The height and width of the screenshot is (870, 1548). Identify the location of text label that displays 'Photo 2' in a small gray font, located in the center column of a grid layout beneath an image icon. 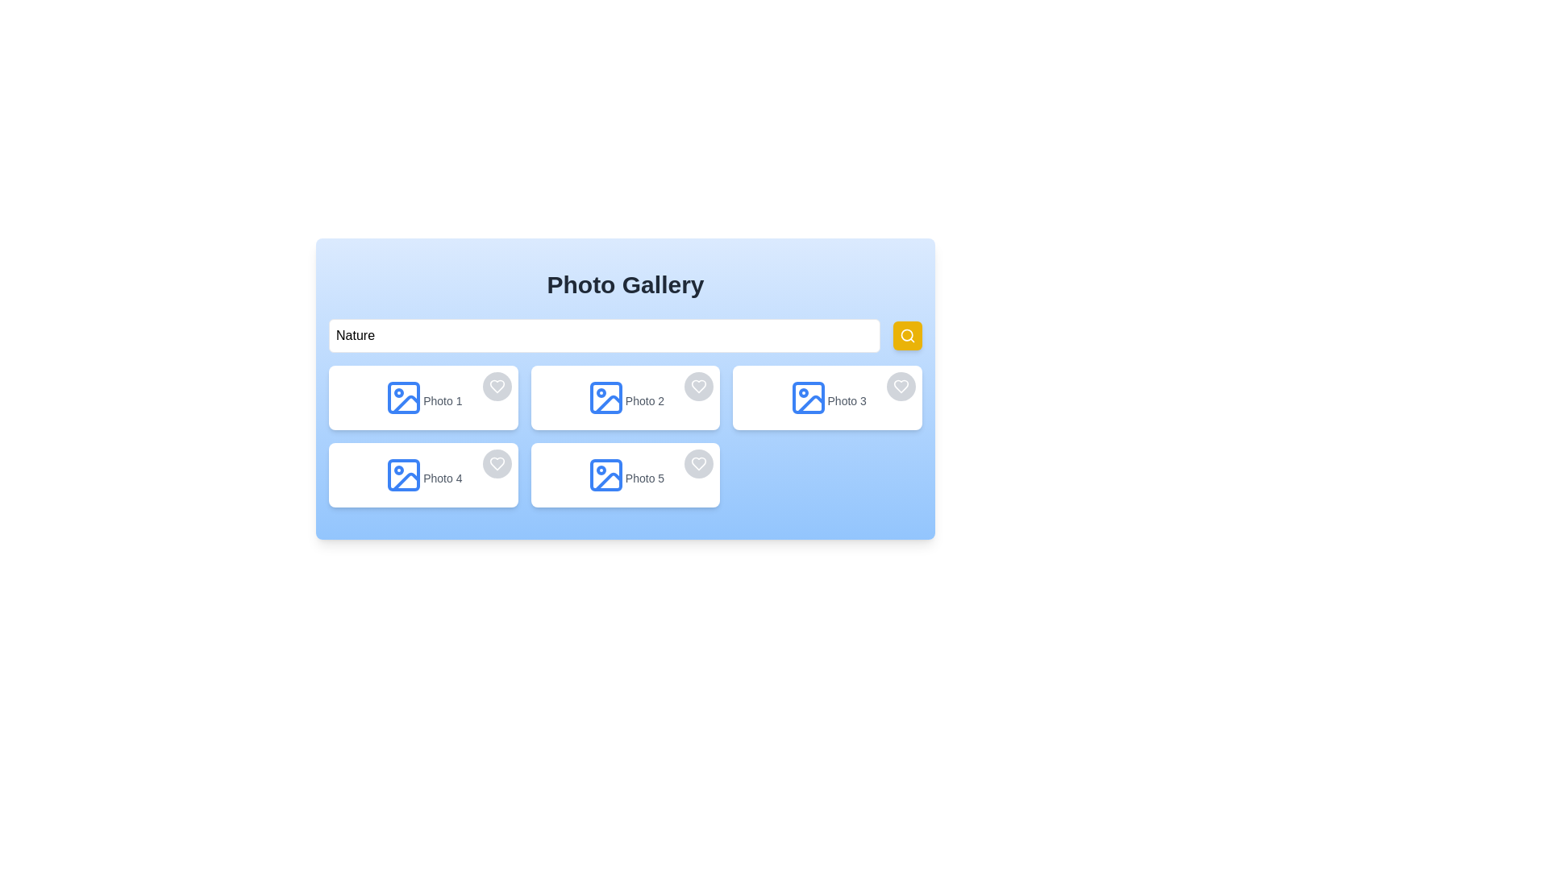
(645, 400).